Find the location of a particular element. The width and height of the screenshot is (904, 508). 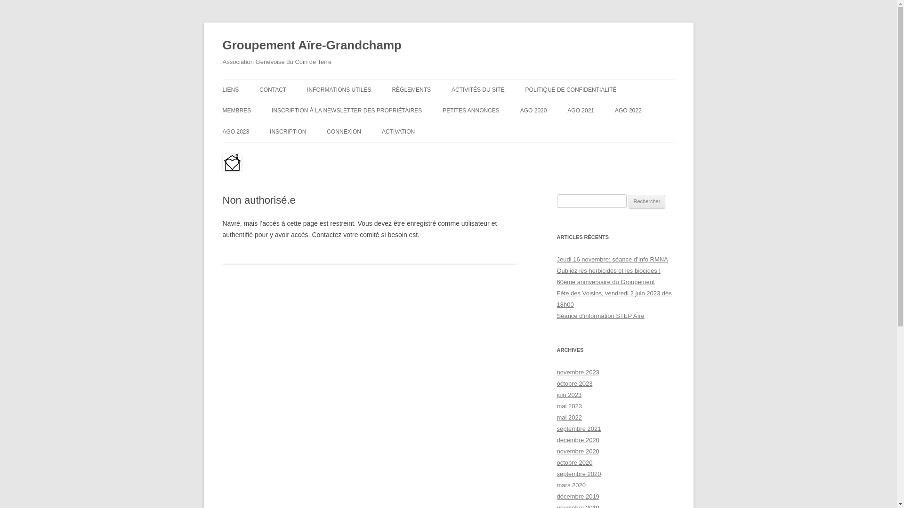

'Rechercher' is located at coordinates (646, 201).